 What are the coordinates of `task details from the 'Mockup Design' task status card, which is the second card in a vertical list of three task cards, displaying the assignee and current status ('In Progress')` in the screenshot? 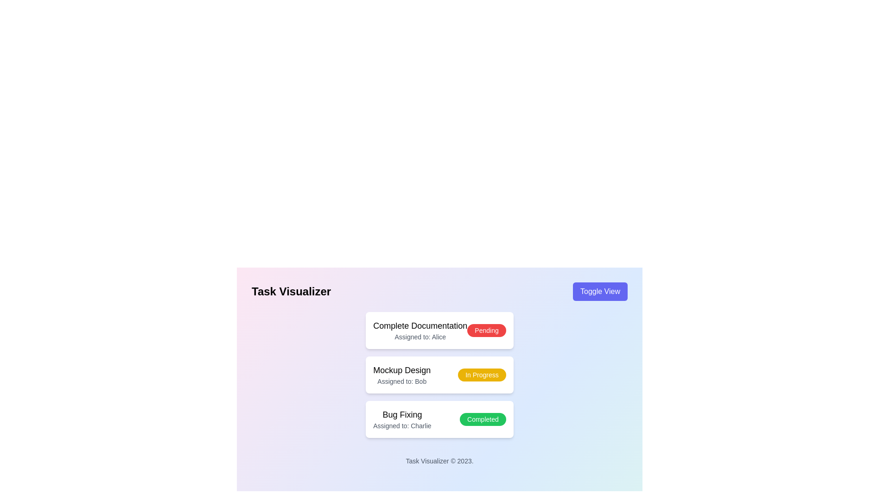 It's located at (439, 375).